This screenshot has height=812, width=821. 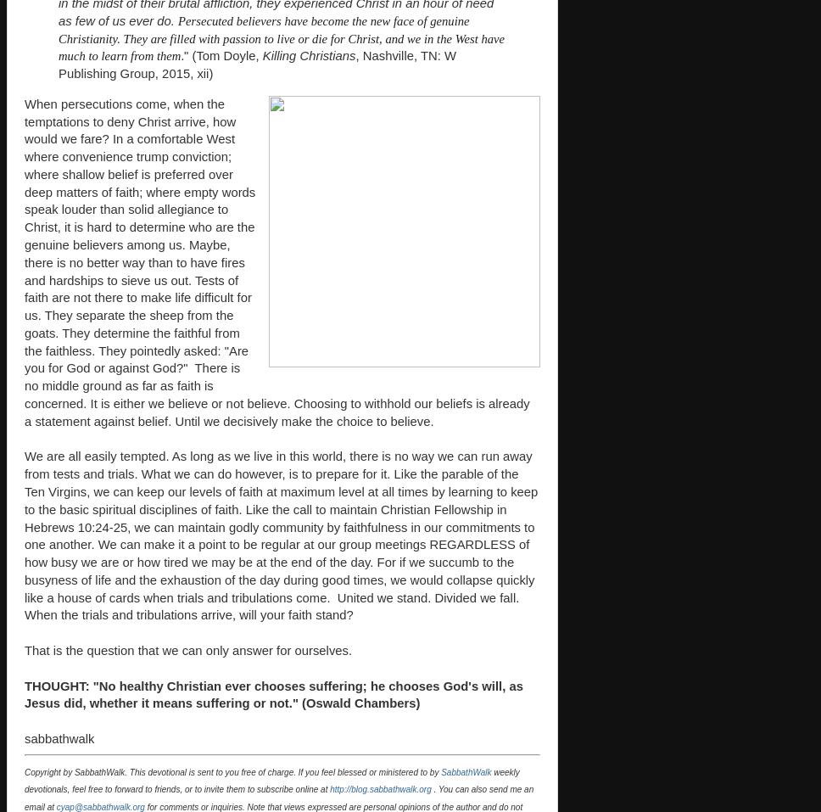 What do you see at coordinates (308, 55) in the screenshot?
I see `'Killing Christians'` at bounding box center [308, 55].